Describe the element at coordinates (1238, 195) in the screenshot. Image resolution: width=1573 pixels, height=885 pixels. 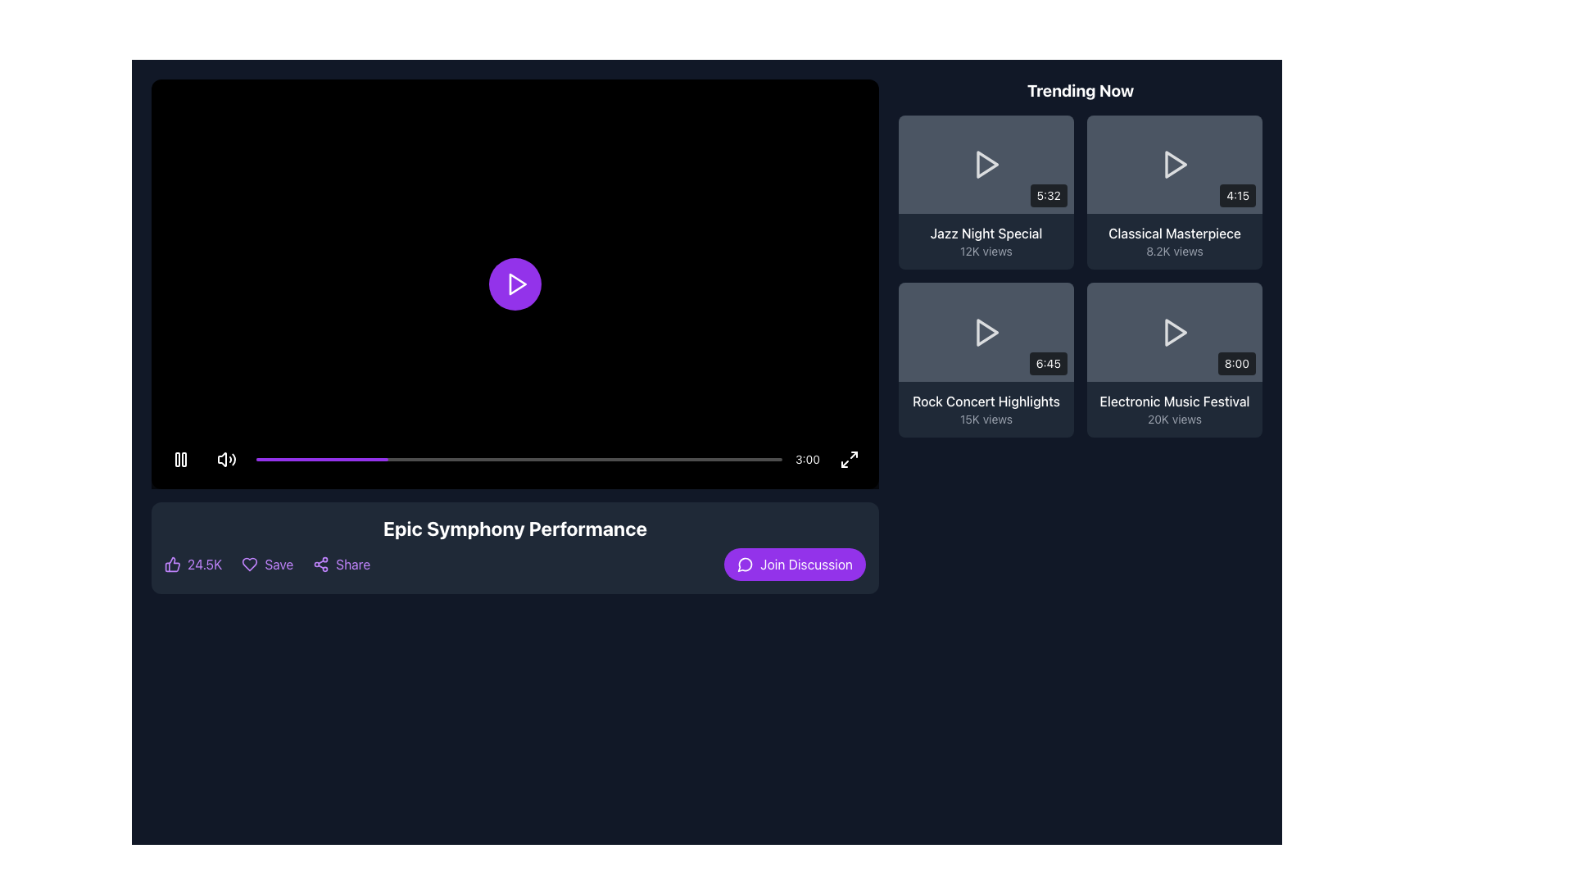
I see `the label styled as a small rectangular badge with a black background and white text reading '4:15', located at the bottom-right corner of the video thumbnail interface` at that location.